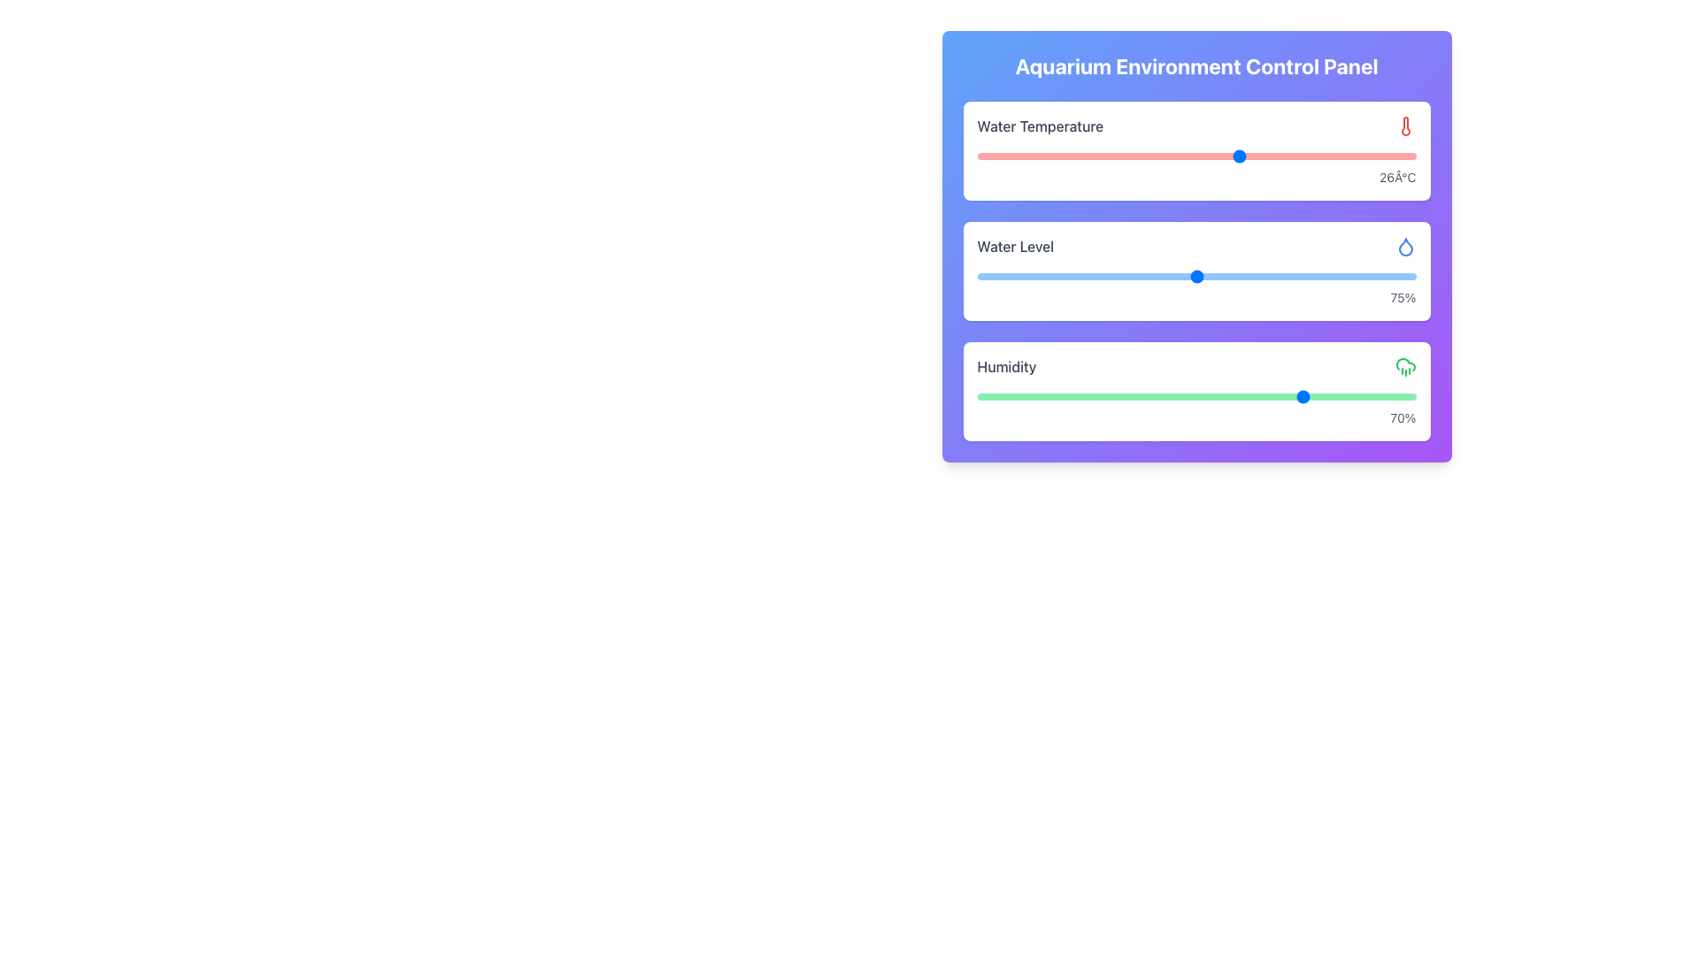 This screenshot has height=955, width=1699. I want to click on the humidity, so click(1152, 395).